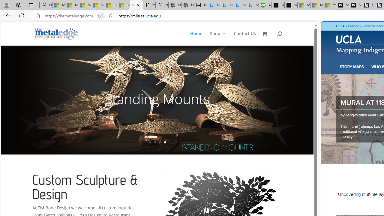 The width and height of the screenshot is (384, 216). What do you see at coordinates (349, 40) in the screenshot?
I see `'UCLA logo'` at bounding box center [349, 40].